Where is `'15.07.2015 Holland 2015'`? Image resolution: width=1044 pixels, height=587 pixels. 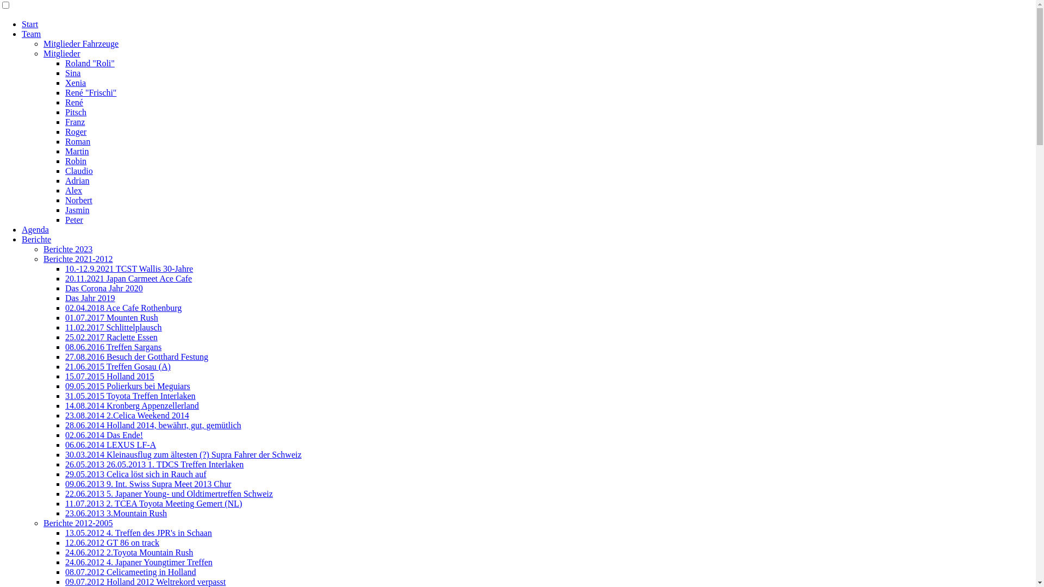
'15.07.2015 Holland 2015' is located at coordinates (65, 376).